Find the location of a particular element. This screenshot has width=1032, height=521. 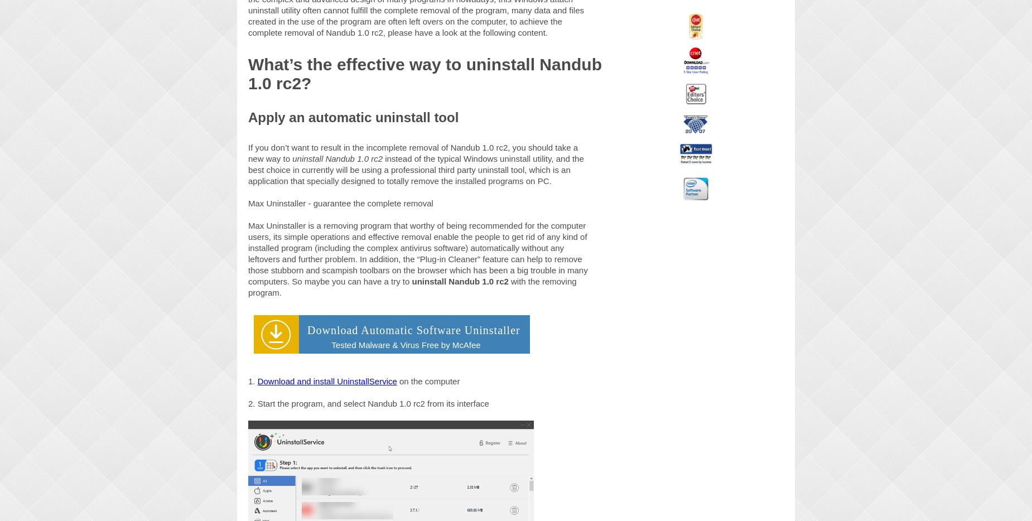

'instead of the typical Windows uninstall utility, and the best choice in 
					currently will be using a professional third party uninstall tool, which is an application that specially designed to totally remove the installed programs on PC.' is located at coordinates (416, 169).